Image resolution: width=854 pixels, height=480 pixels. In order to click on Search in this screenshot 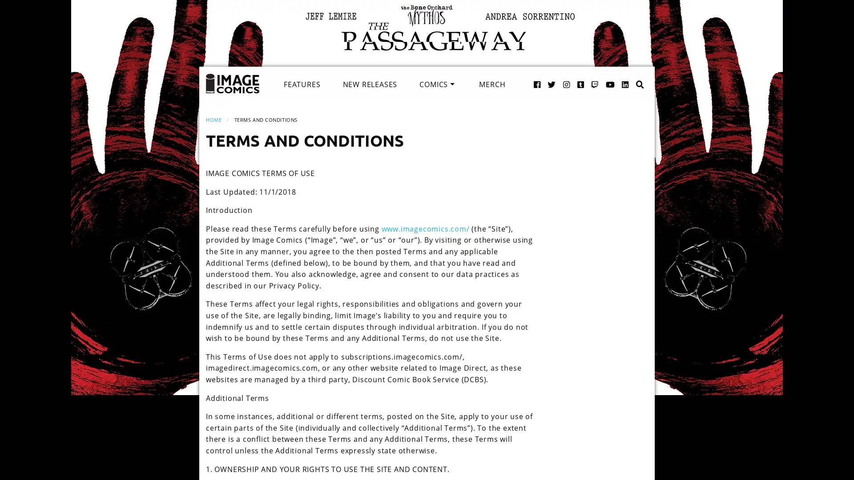, I will do `click(630, 75)`.